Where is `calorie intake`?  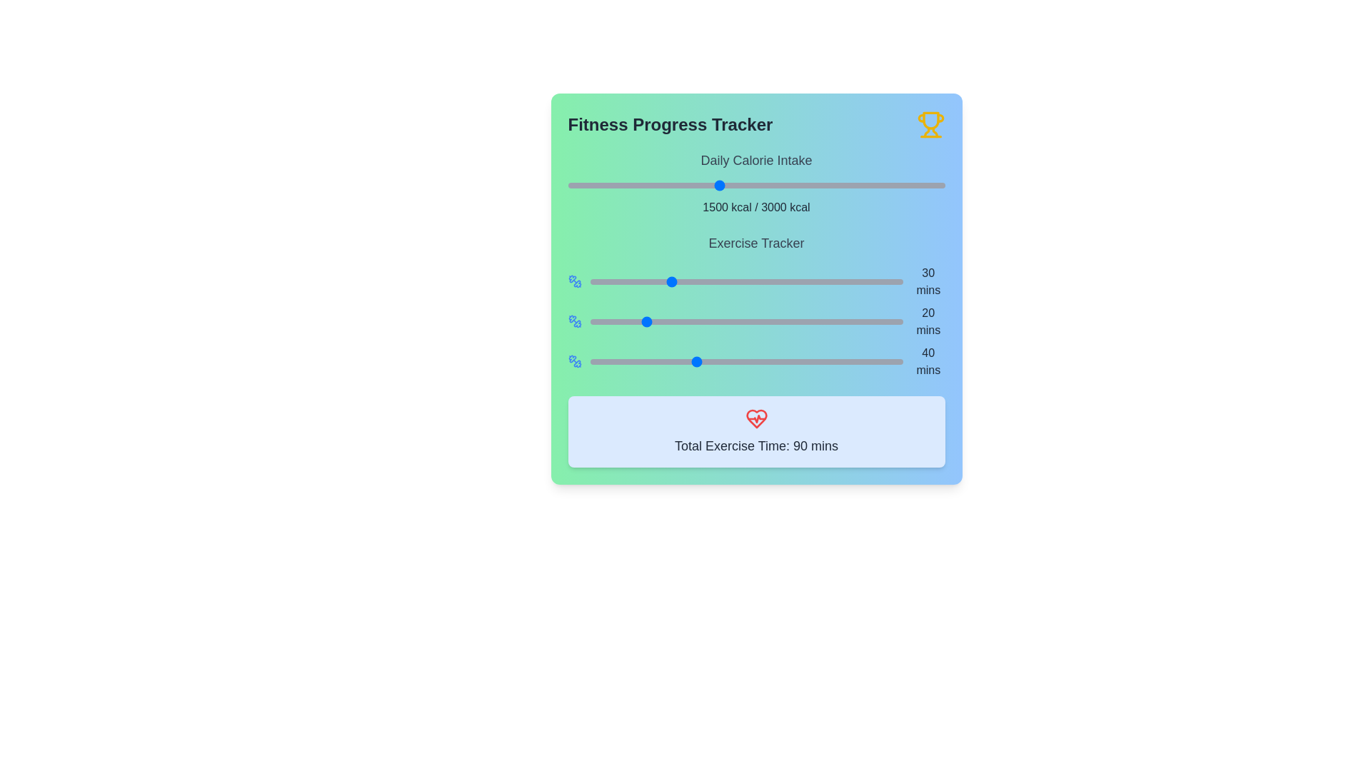
calorie intake is located at coordinates (901, 184).